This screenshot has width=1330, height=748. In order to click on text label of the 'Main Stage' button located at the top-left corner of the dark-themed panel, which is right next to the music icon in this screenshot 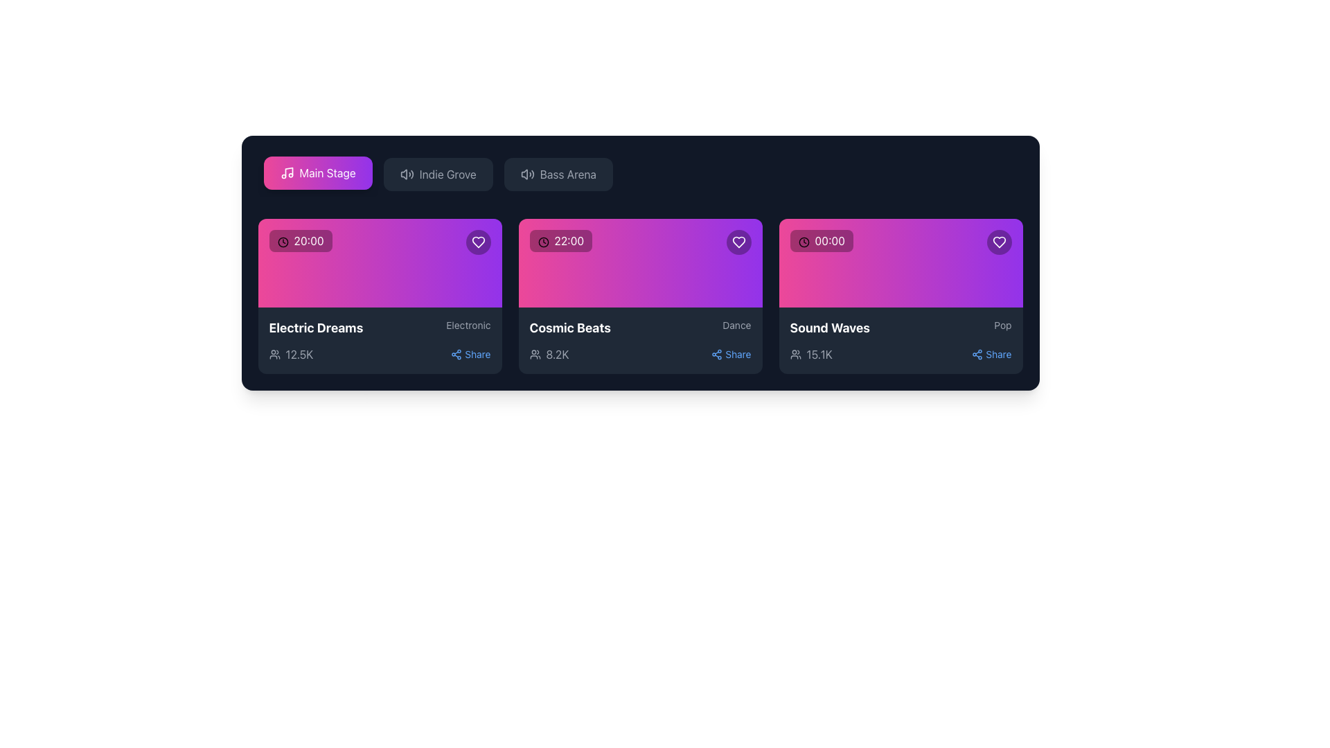, I will do `click(327, 172)`.